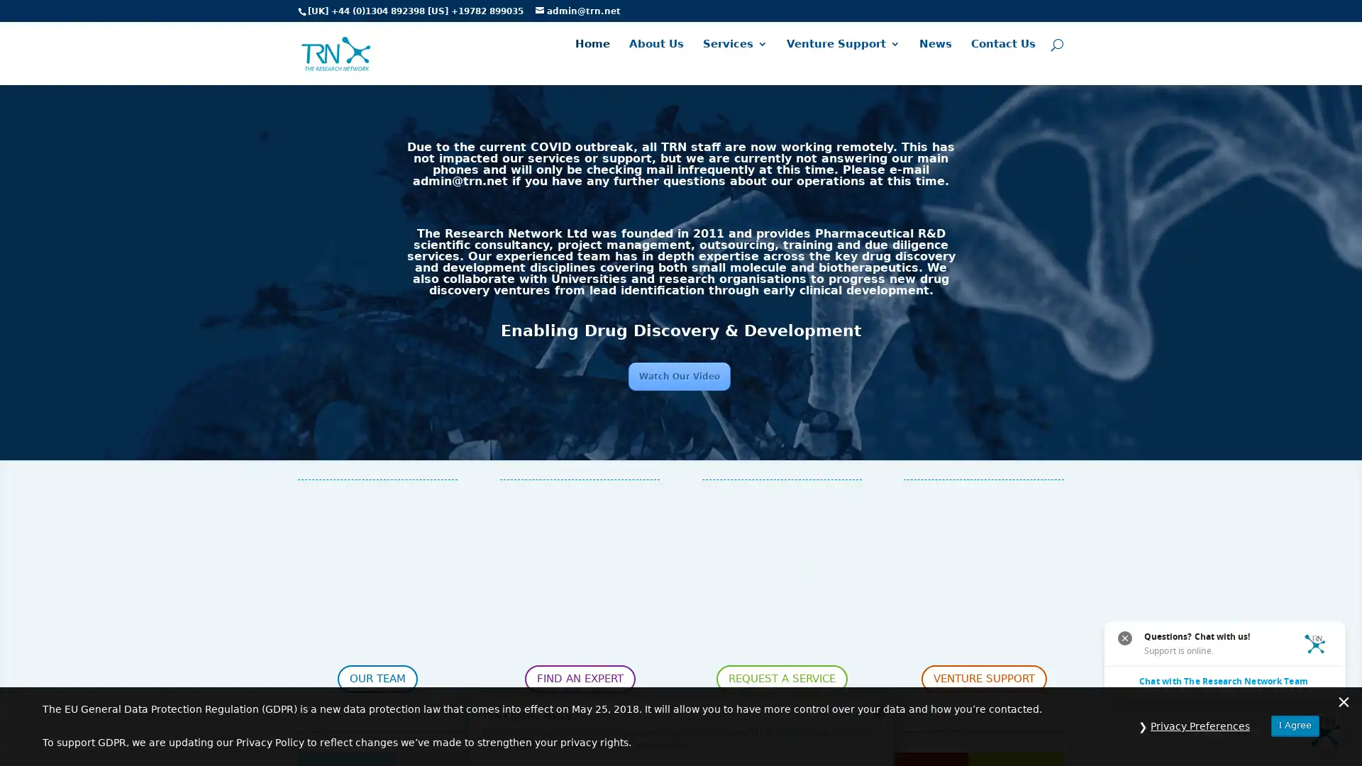 The height and width of the screenshot is (766, 1362). I want to click on Questions? Chat with us! Support is online. Chat with The Research Network Team, so click(1323, 730).